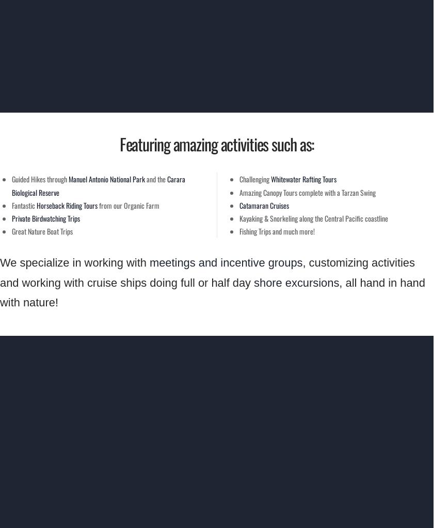 The image size is (448, 528). I want to click on 'Guided Hikes through', so click(40, 179).